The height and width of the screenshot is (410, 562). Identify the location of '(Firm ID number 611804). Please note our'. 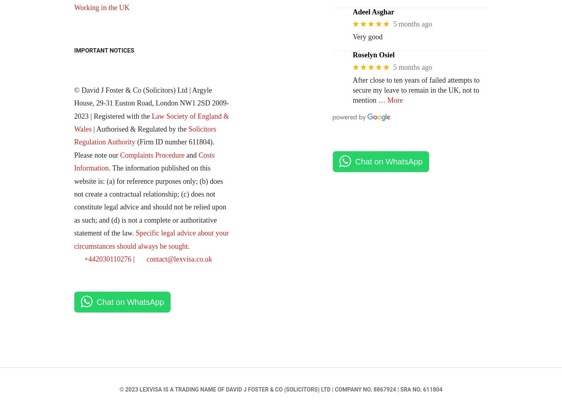
(73, 148).